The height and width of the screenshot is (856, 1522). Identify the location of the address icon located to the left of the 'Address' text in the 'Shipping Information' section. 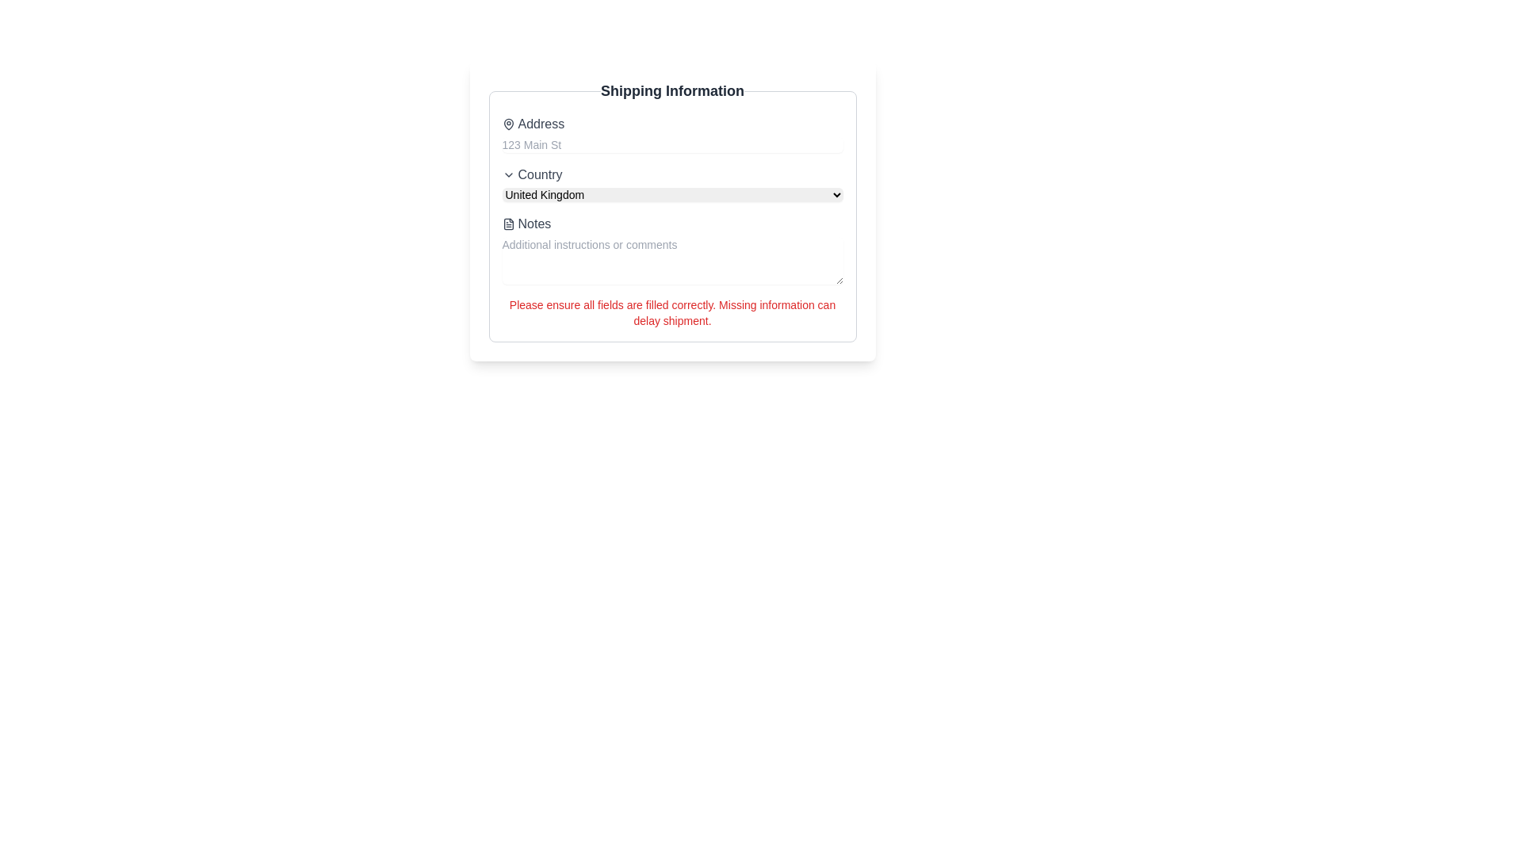
(508, 124).